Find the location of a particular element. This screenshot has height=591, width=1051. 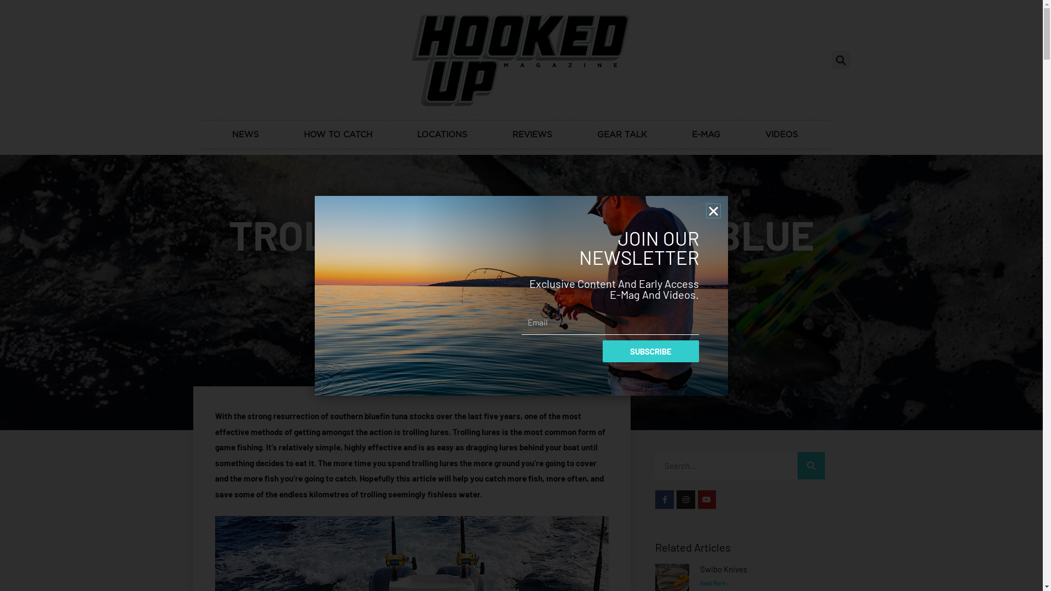

'REVIEWS' is located at coordinates (488, 134).